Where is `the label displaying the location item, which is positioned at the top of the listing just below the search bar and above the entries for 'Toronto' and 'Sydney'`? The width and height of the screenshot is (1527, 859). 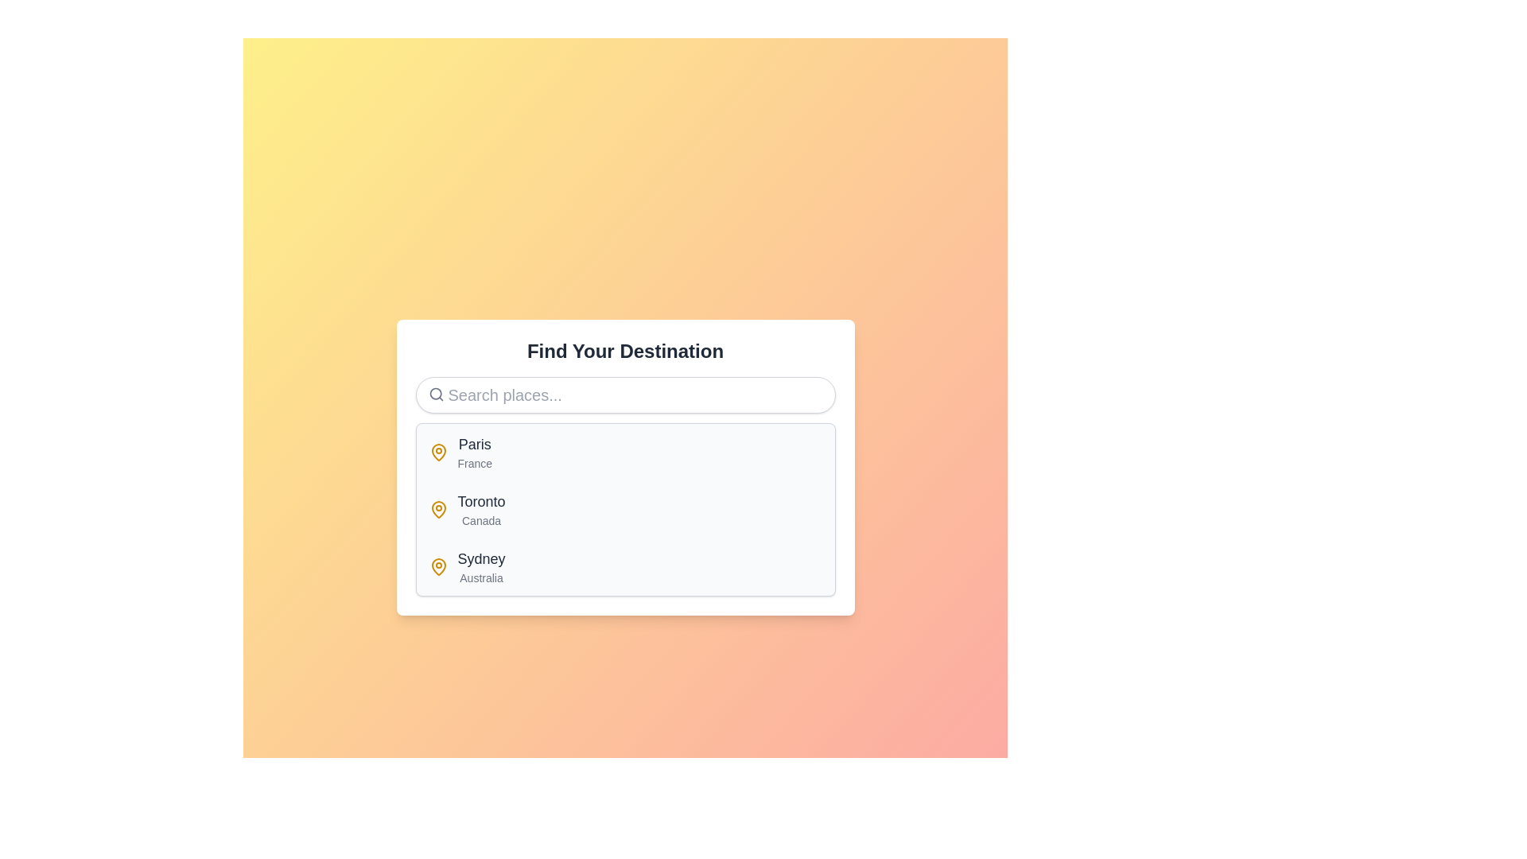 the label displaying the location item, which is positioned at the top of the listing just below the search bar and above the entries for 'Toronto' and 'Sydney' is located at coordinates (473, 453).